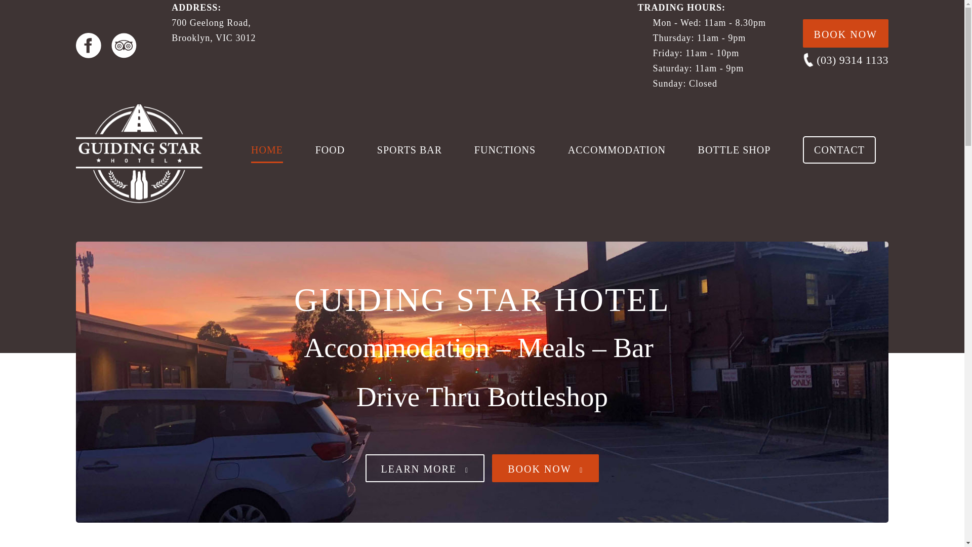 The image size is (972, 547). What do you see at coordinates (376, 150) in the screenshot?
I see `'SPORTS BAR'` at bounding box center [376, 150].